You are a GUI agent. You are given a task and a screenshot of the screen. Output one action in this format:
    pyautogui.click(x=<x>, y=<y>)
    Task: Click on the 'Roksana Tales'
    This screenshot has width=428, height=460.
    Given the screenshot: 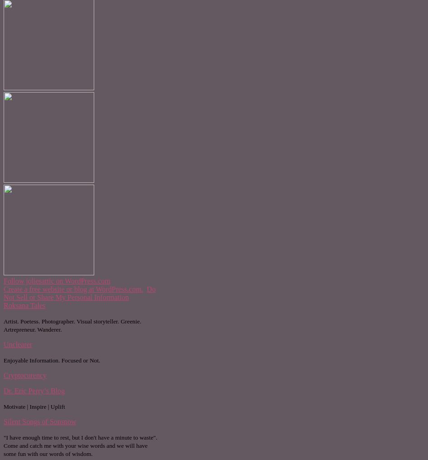 What is the action you would take?
    pyautogui.click(x=24, y=305)
    